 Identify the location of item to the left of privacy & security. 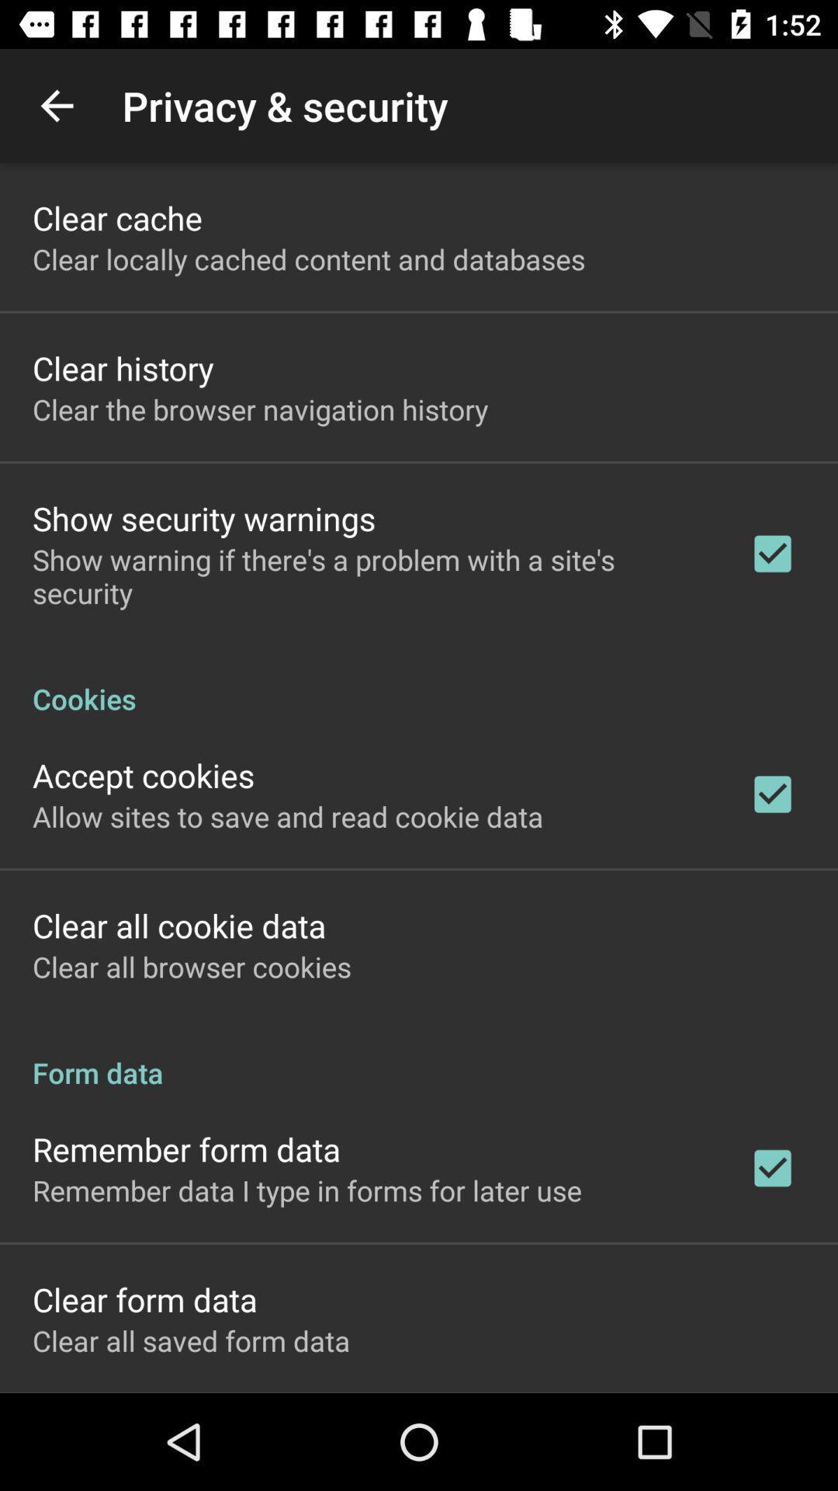
(56, 105).